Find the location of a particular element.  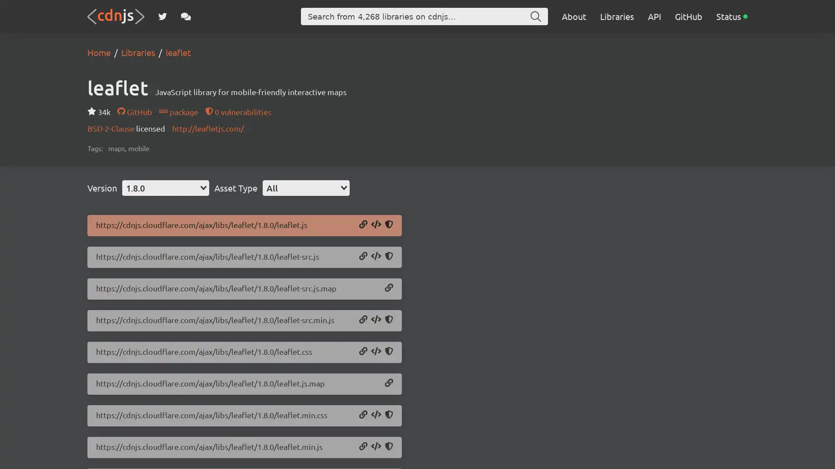

Copy URL is located at coordinates (388, 288).